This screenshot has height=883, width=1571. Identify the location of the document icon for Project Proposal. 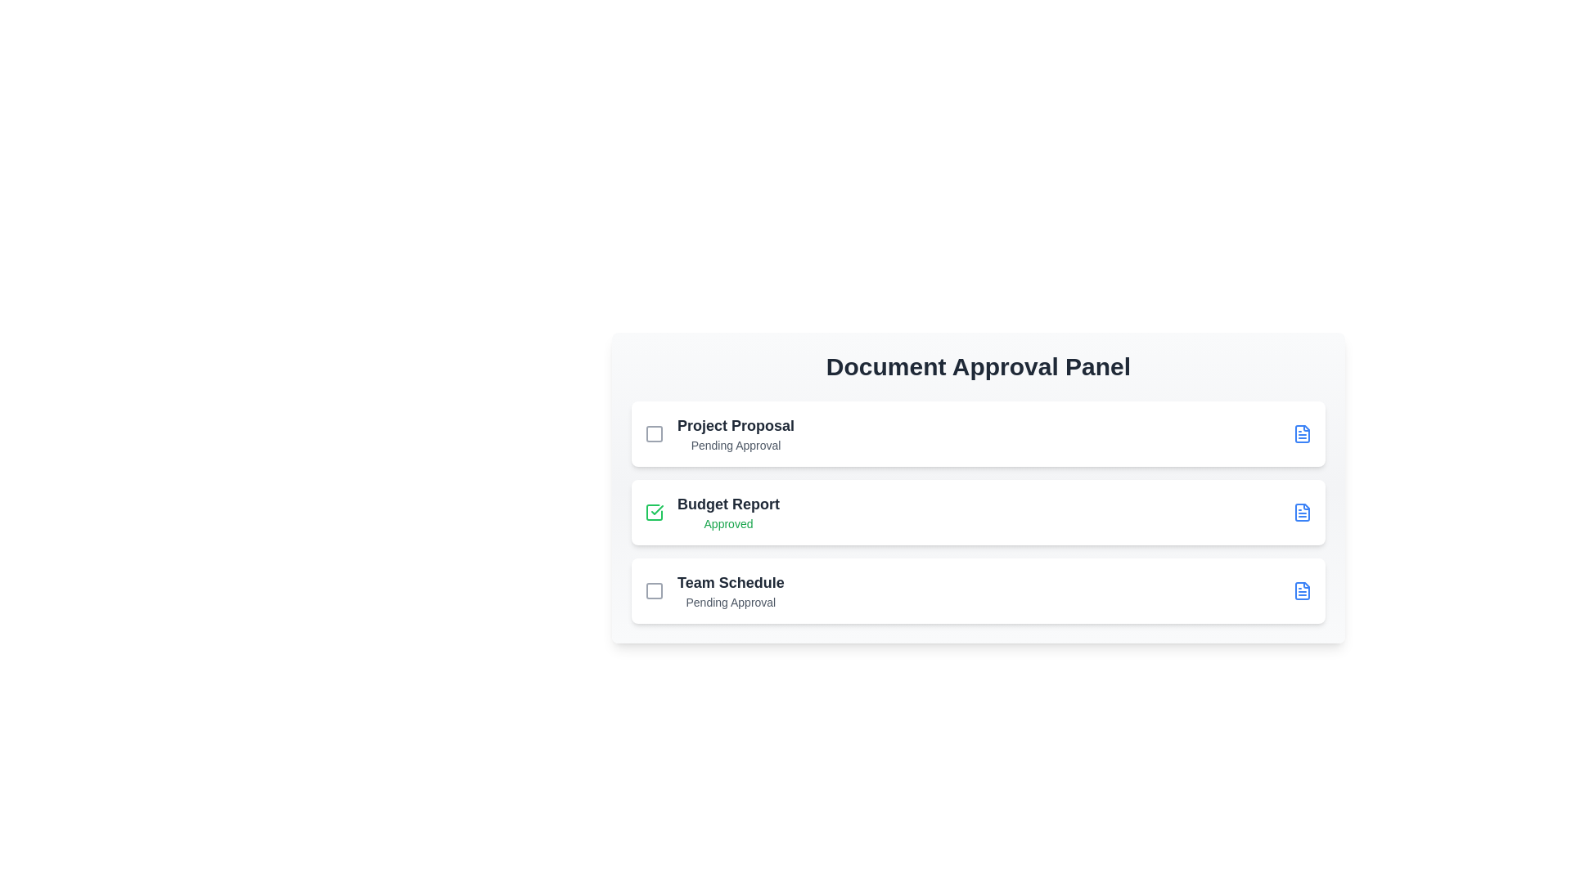
(1302, 433).